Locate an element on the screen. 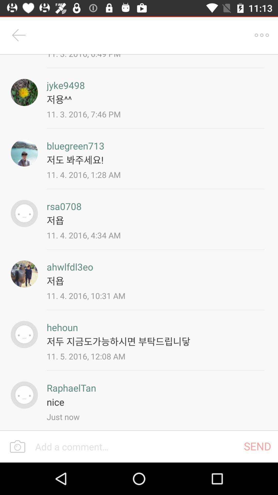  item at the bottom right corner is located at coordinates (257, 446).